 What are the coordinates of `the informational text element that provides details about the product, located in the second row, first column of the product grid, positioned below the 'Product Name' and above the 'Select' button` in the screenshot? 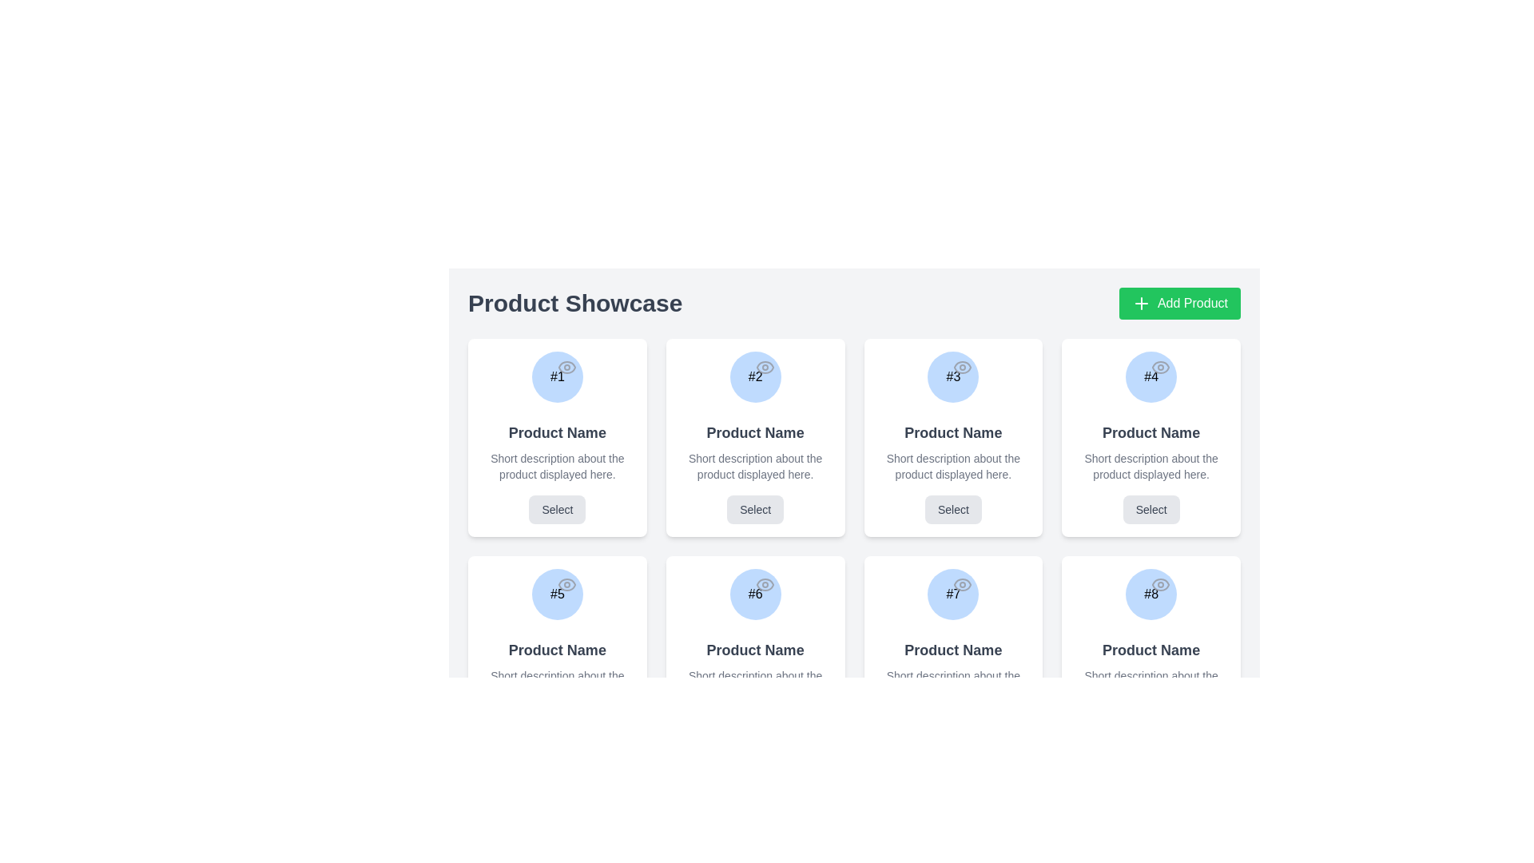 It's located at (557, 683).